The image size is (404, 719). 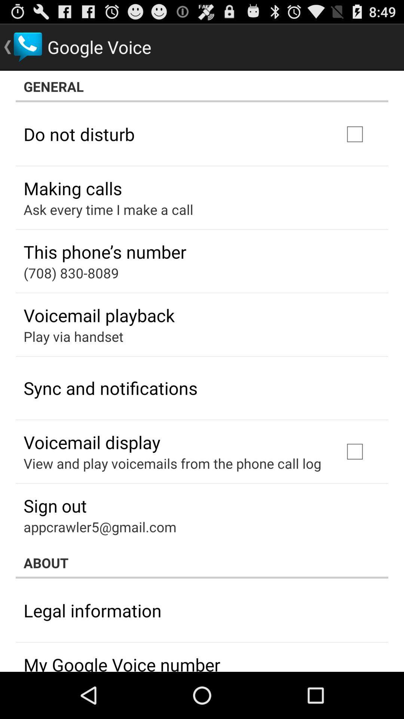 I want to click on the app below making calls app, so click(x=108, y=209).